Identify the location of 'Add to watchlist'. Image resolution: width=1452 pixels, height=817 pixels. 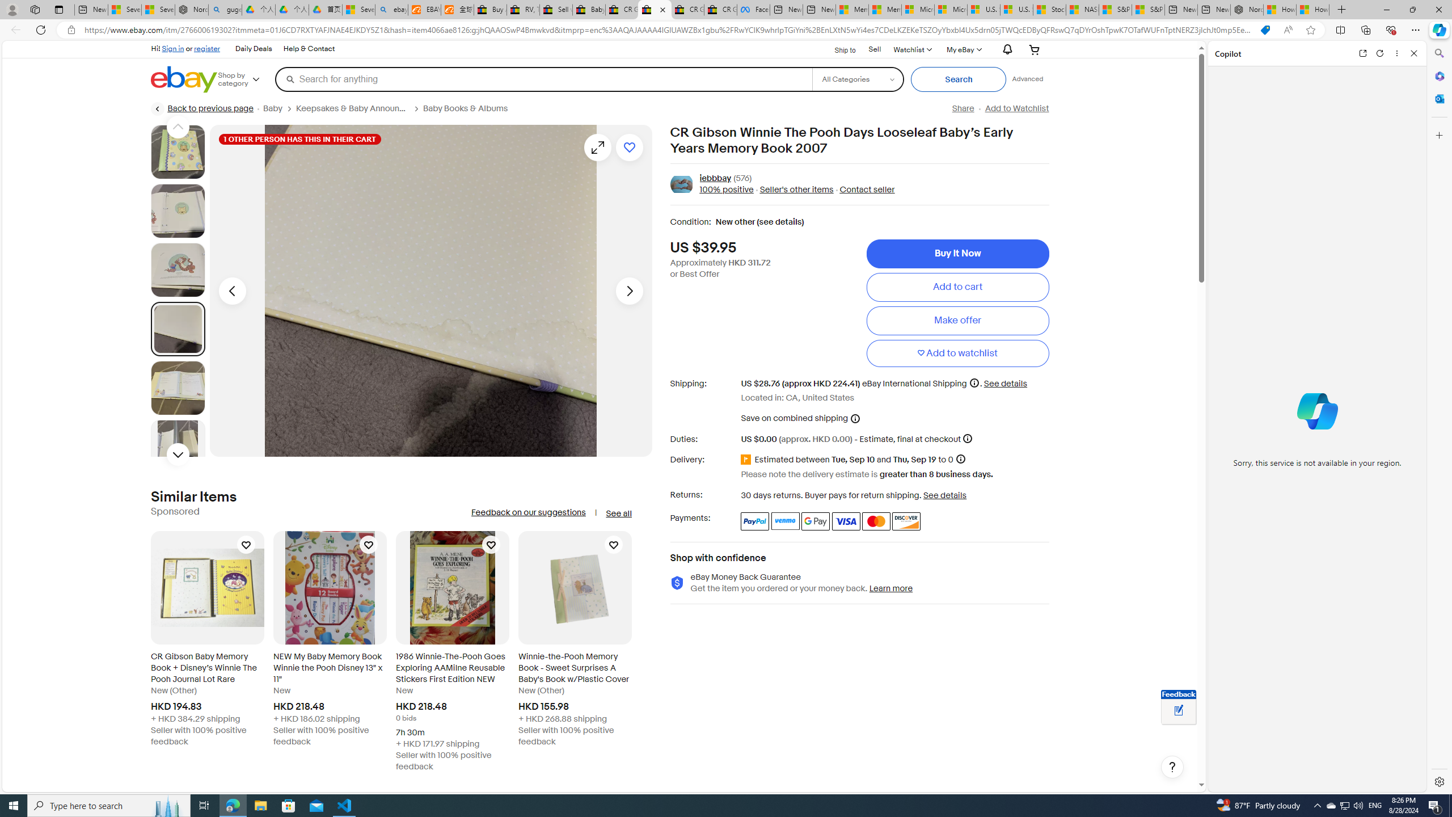
(957, 352).